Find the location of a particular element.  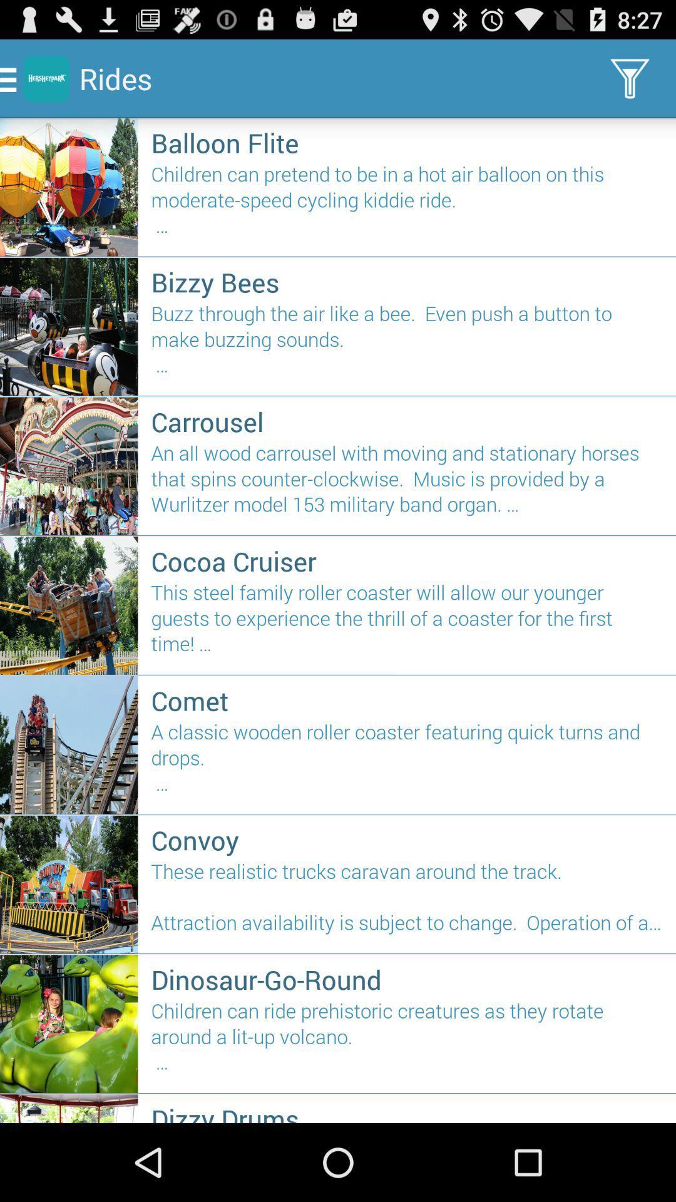

dinosaur-go-round icon is located at coordinates (407, 979).